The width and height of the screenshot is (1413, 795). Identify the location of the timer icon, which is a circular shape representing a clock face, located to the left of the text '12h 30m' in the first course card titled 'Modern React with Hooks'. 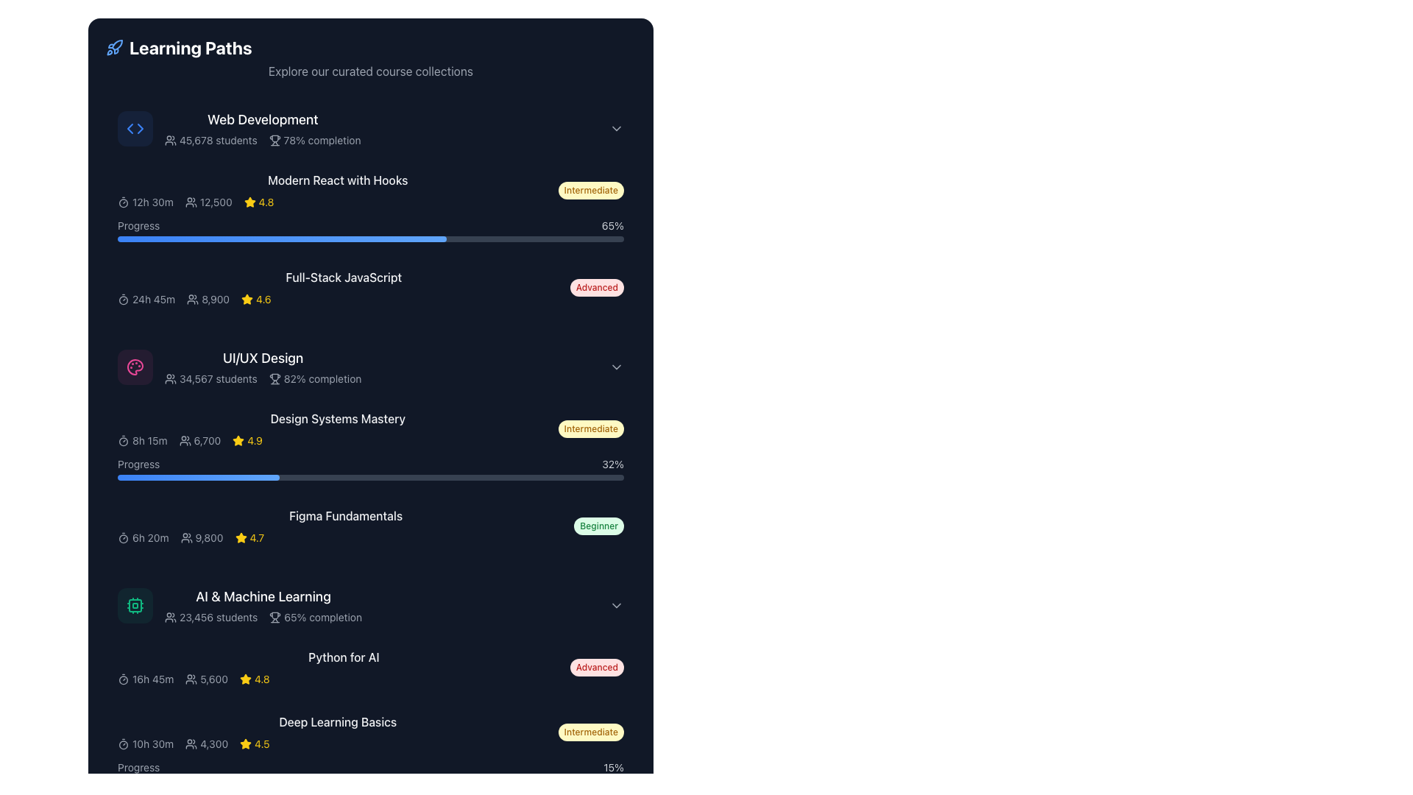
(124, 202).